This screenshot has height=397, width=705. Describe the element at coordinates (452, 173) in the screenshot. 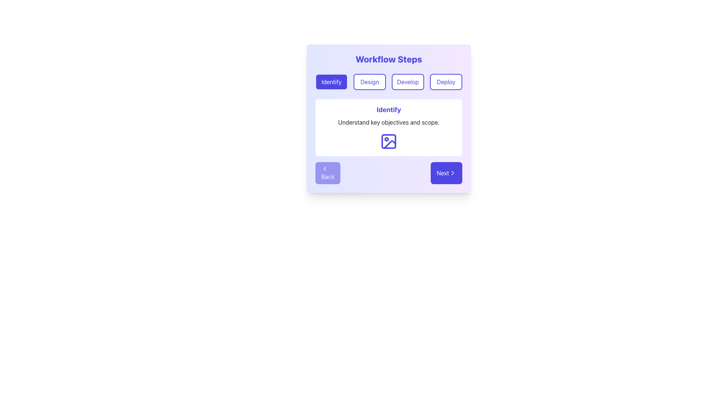

I see `the 'Next' button located at the bottom-right corner of the interface` at that location.